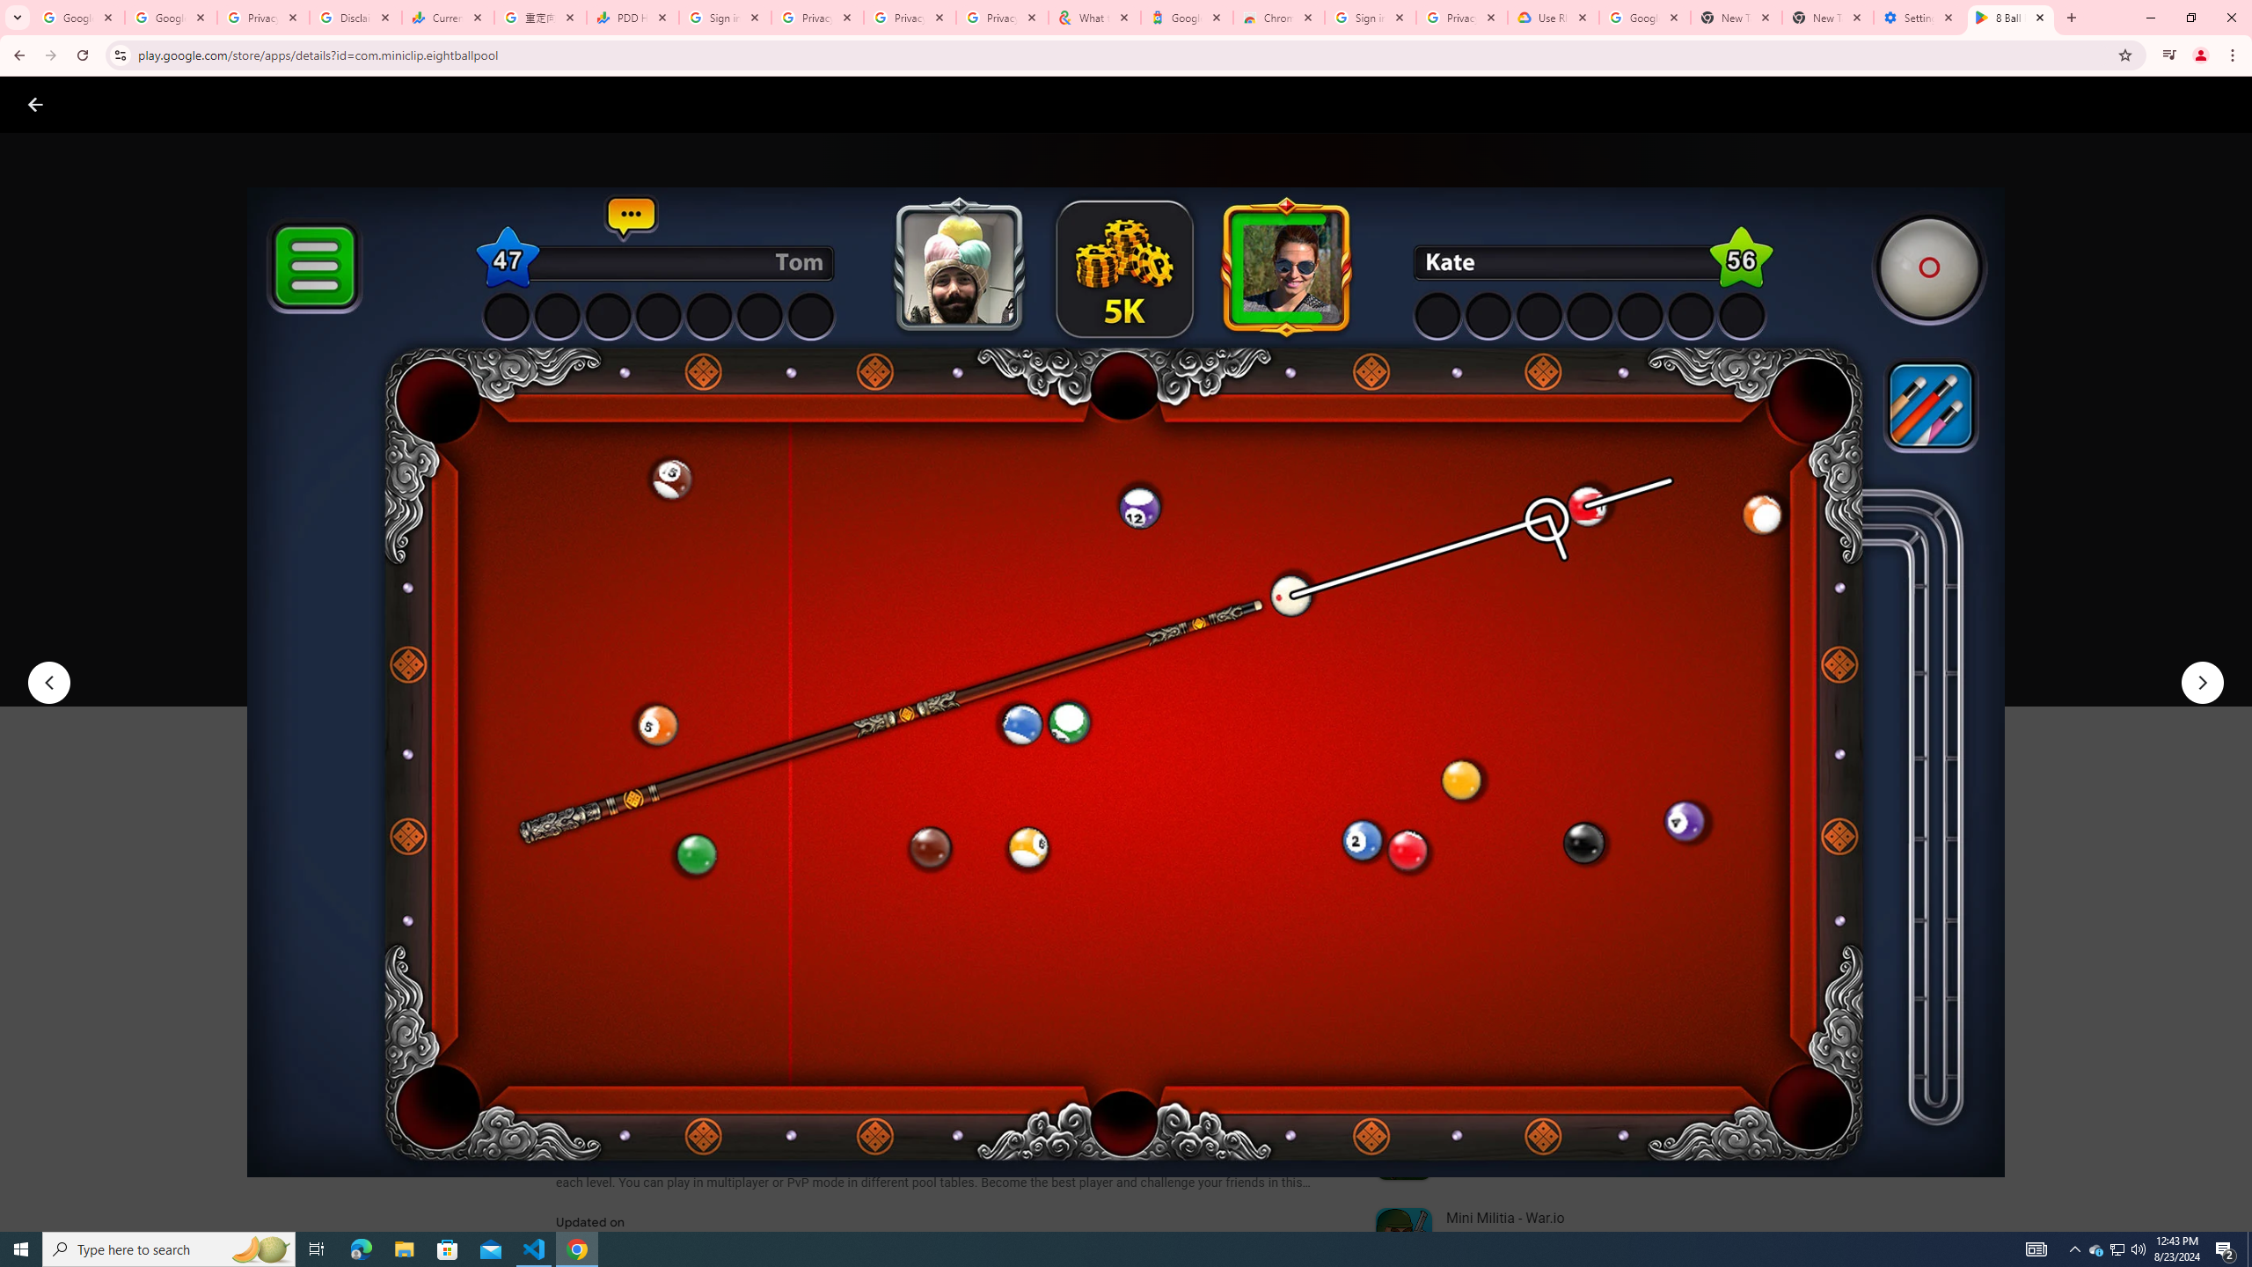 This screenshot has width=2252, height=1267. I want to click on 'Google Play logo', so click(98, 104).